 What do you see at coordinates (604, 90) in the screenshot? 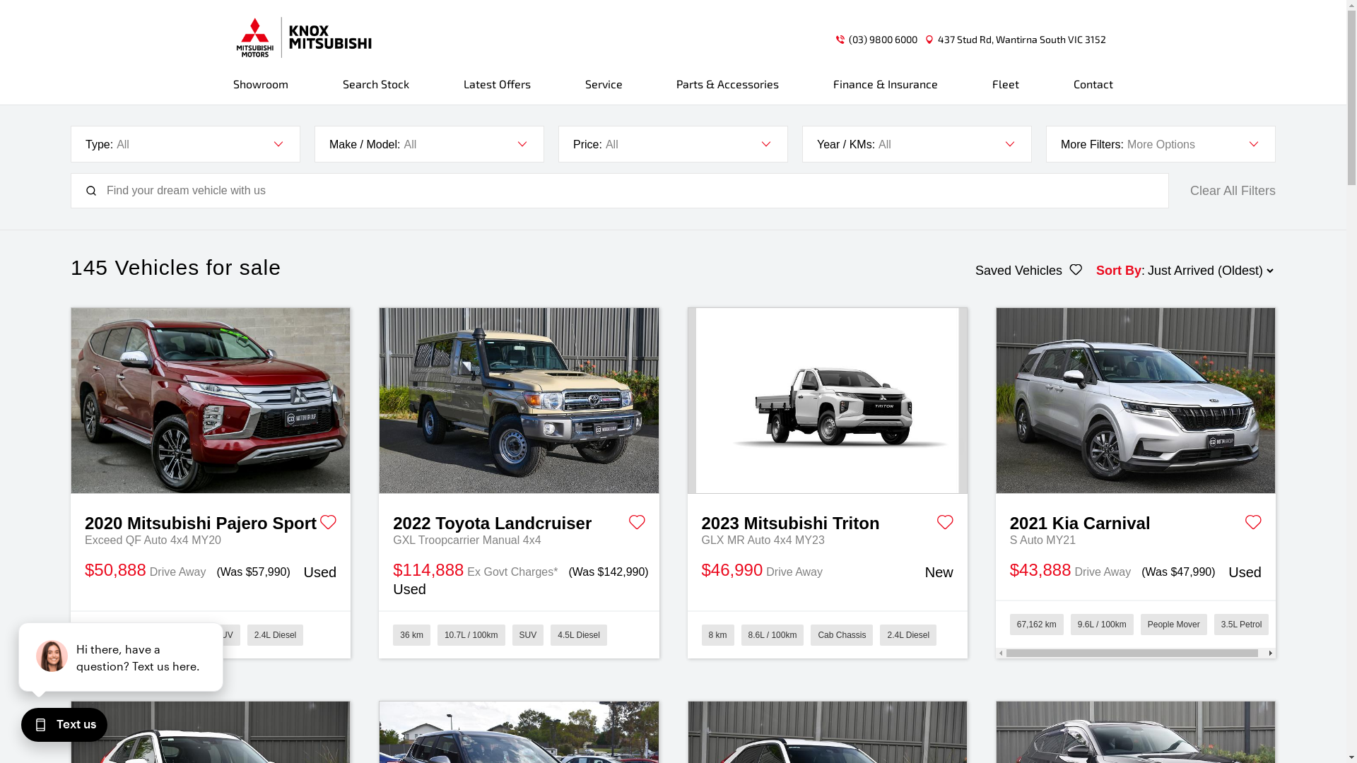
I see `'Service'` at bounding box center [604, 90].